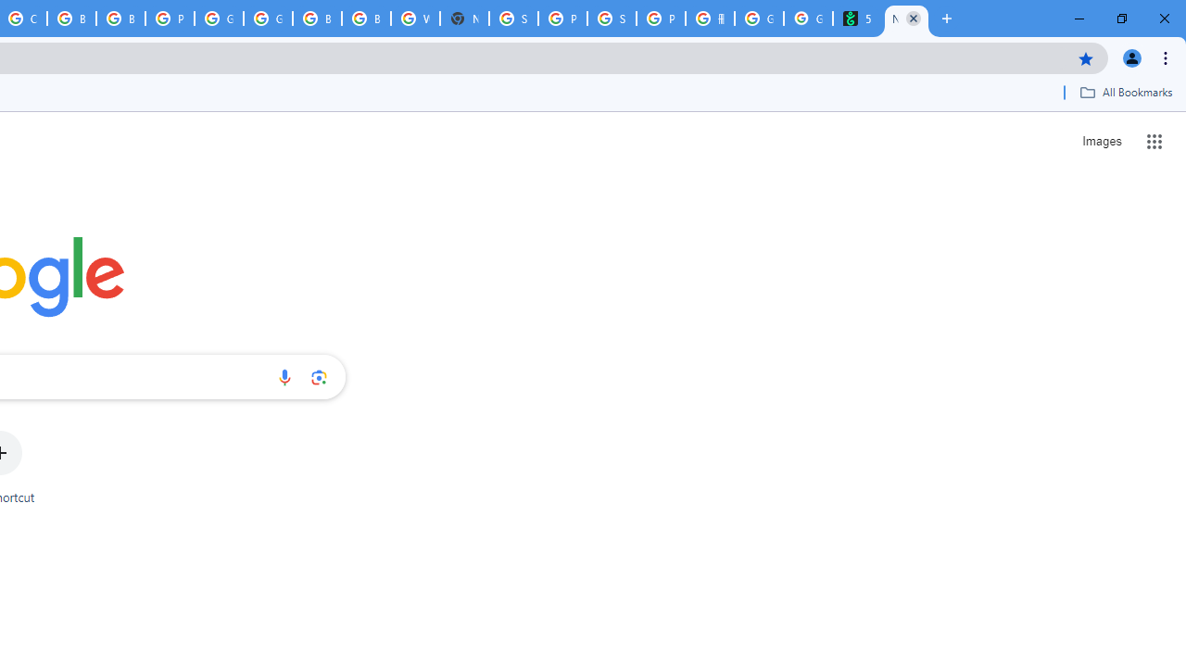 This screenshot has width=1186, height=667. Describe the element at coordinates (319, 376) in the screenshot. I see `'Search by image'` at that location.